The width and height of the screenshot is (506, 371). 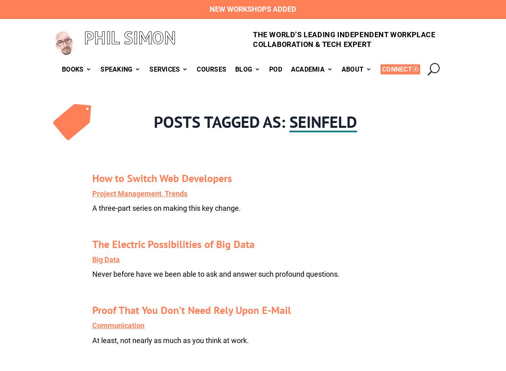 I want to click on 'Big Data', so click(x=106, y=259).